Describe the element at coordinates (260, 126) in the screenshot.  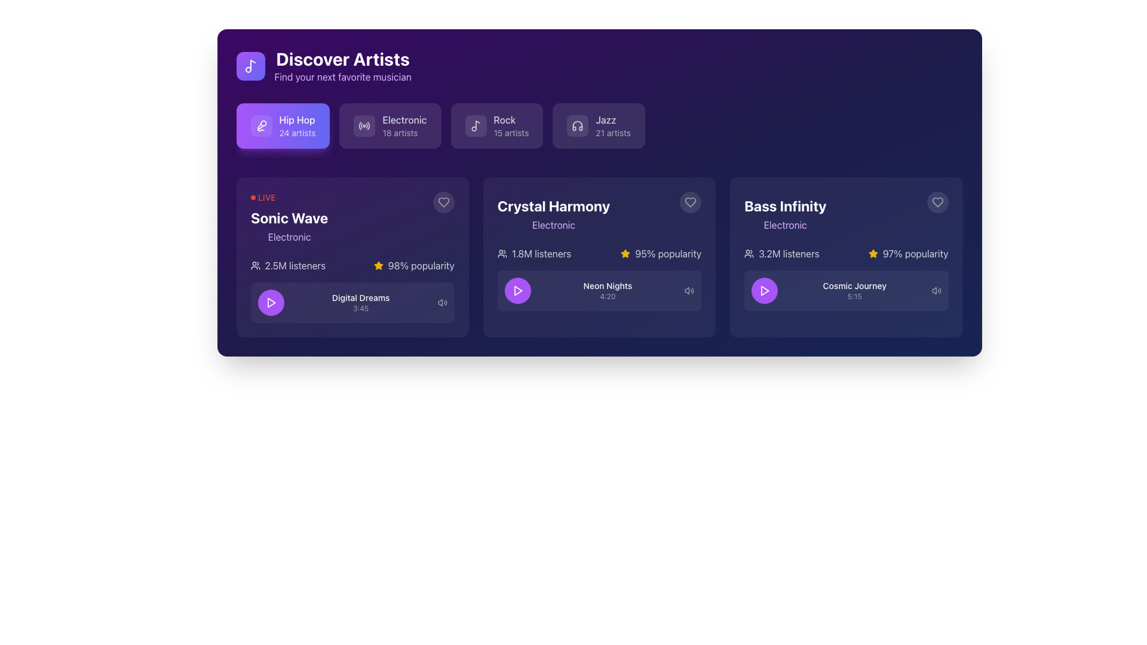
I see `the microphone icon representing the 'Hip Hop' category, located within the purple rounded rectangle adjacent to the text label 'Hip Hop'` at that location.